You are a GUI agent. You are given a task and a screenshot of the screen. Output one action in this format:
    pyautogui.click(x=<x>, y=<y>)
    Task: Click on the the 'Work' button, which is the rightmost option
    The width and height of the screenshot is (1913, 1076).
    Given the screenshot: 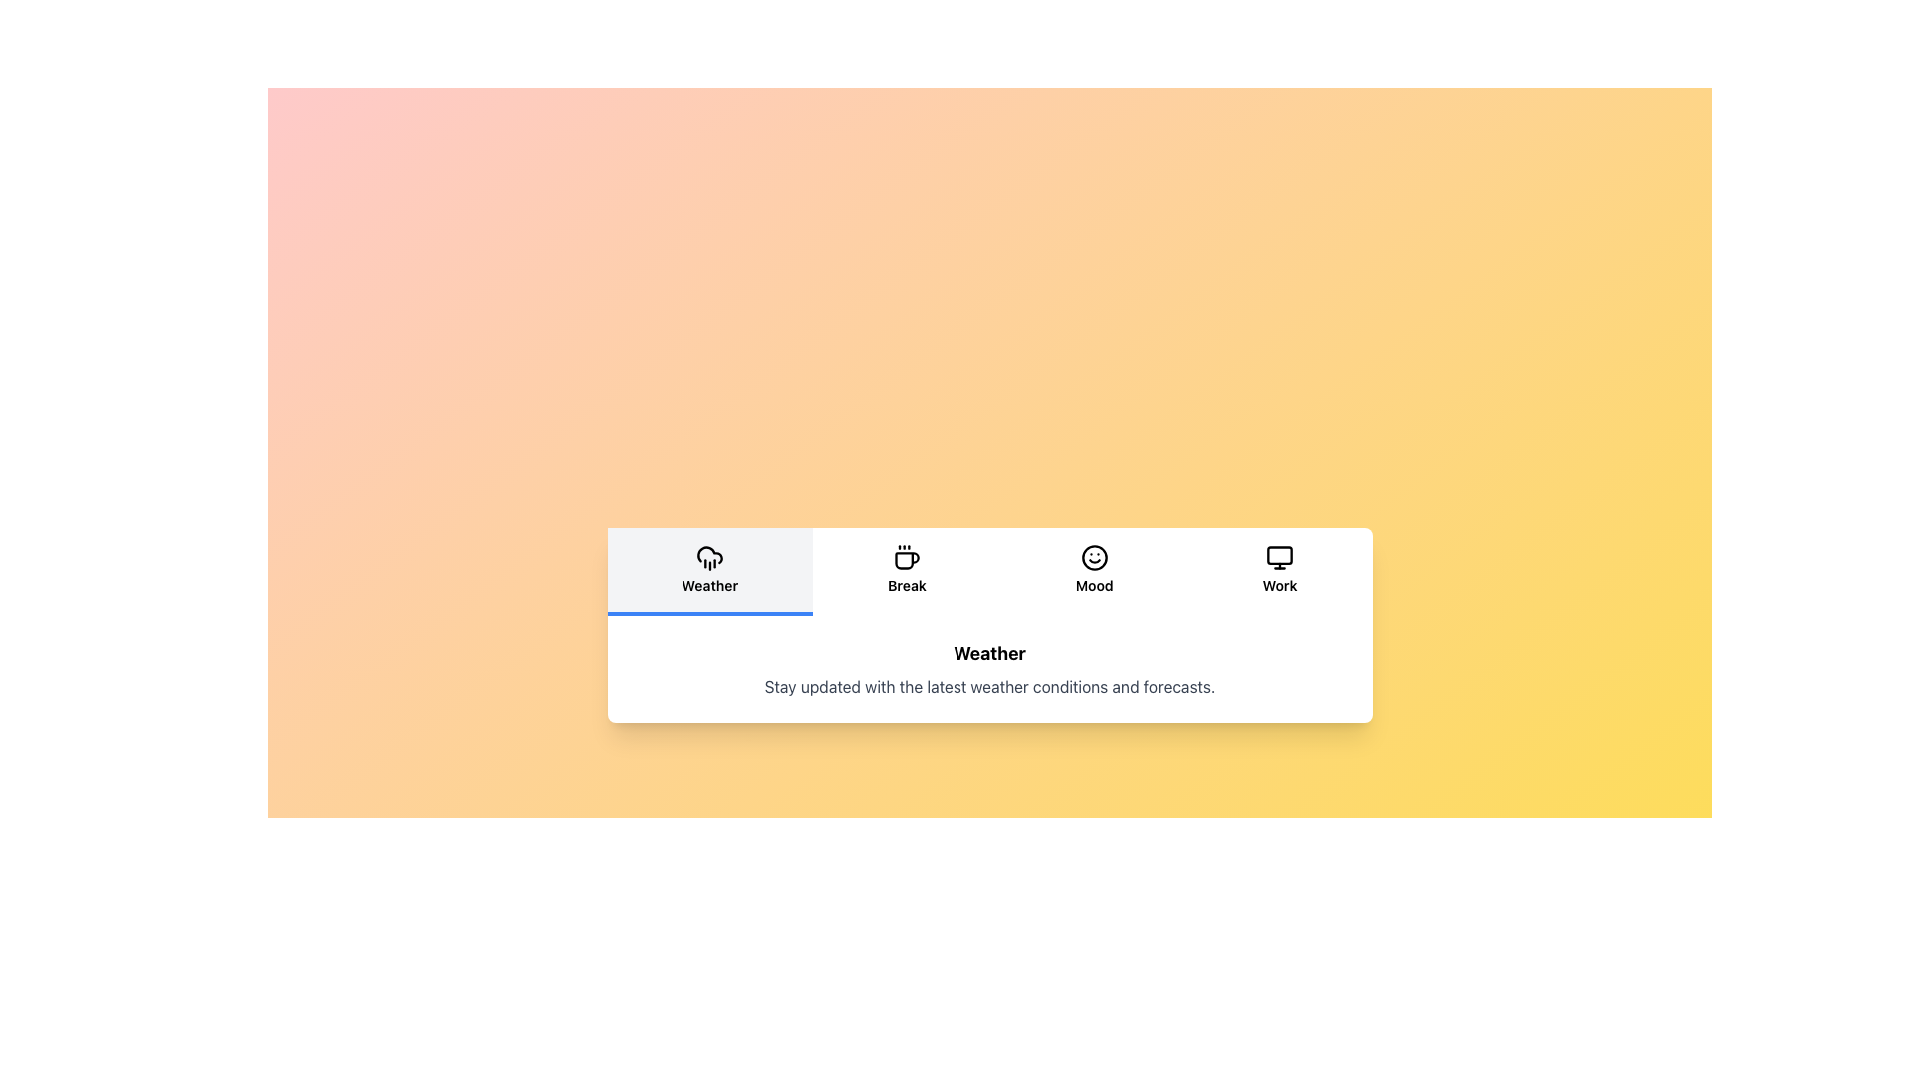 What is the action you would take?
    pyautogui.click(x=1280, y=572)
    